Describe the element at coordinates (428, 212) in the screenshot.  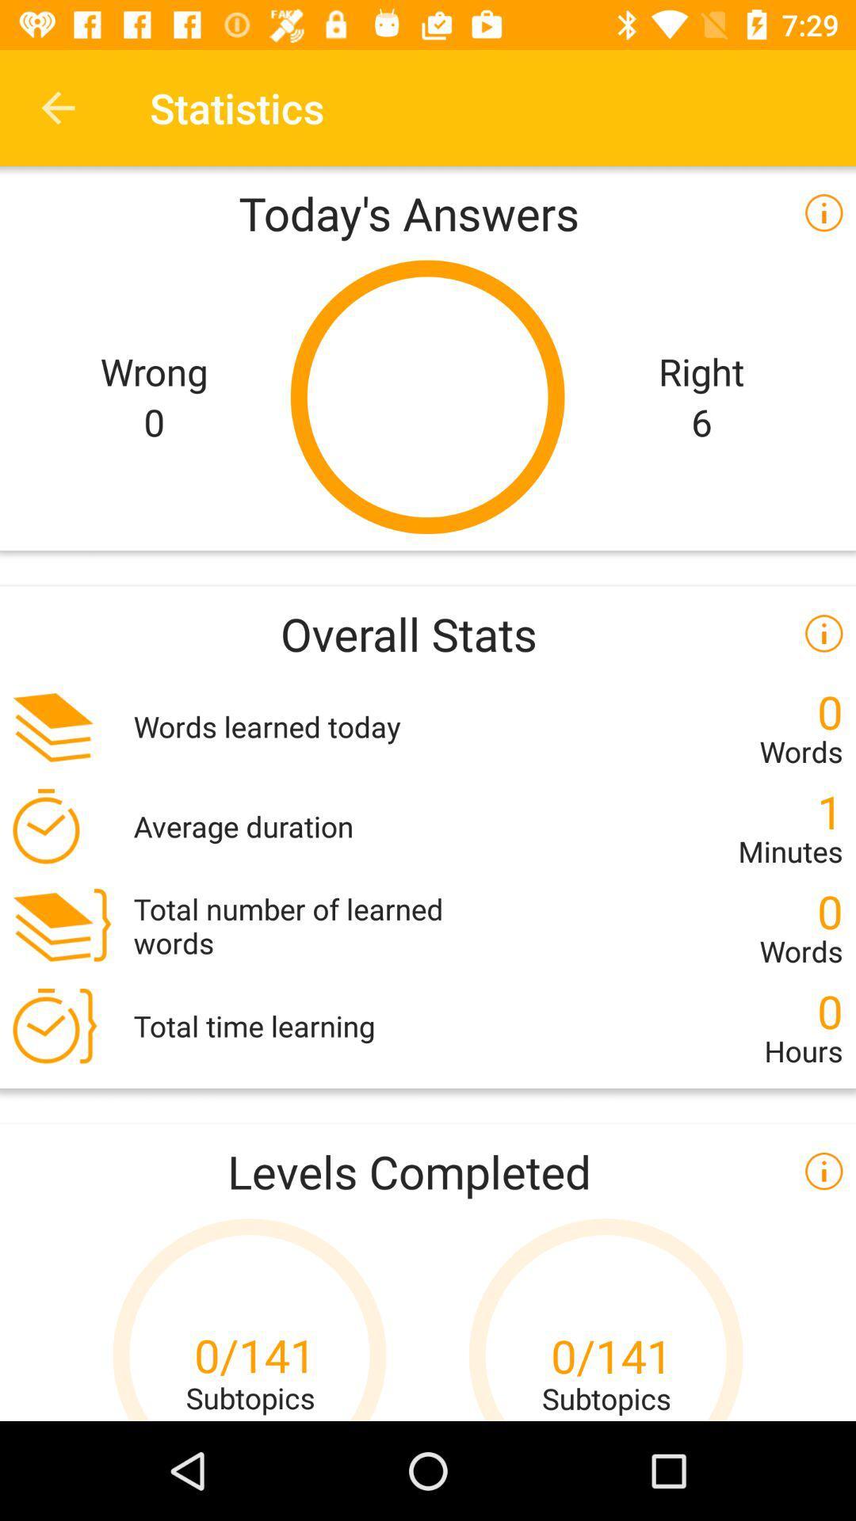
I see `today's answers` at that location.